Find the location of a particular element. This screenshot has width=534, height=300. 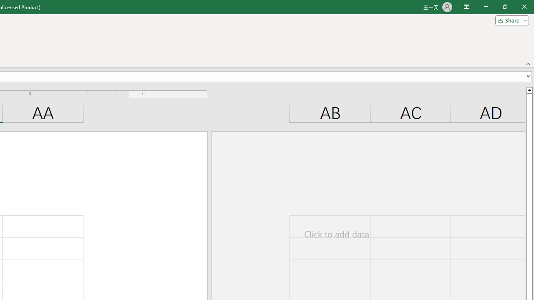

'Ribbon Display Options' is located at coordinates (466, 7).